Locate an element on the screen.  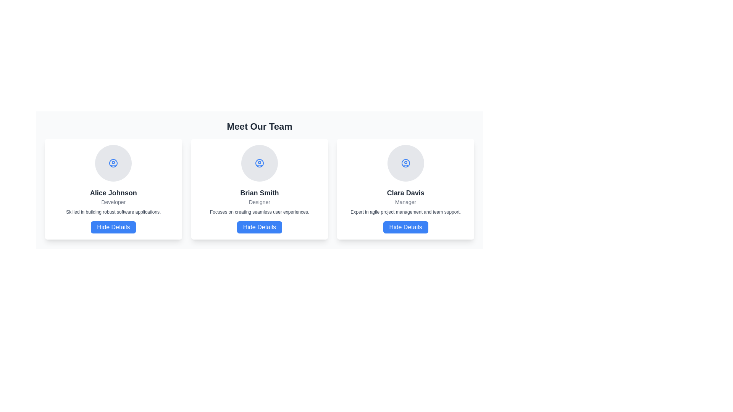
the graphical icon representing Alice Johnson's profile avatar, which is centrally positioned in the circular placeholder above her name is located at coordinates (113, 163).